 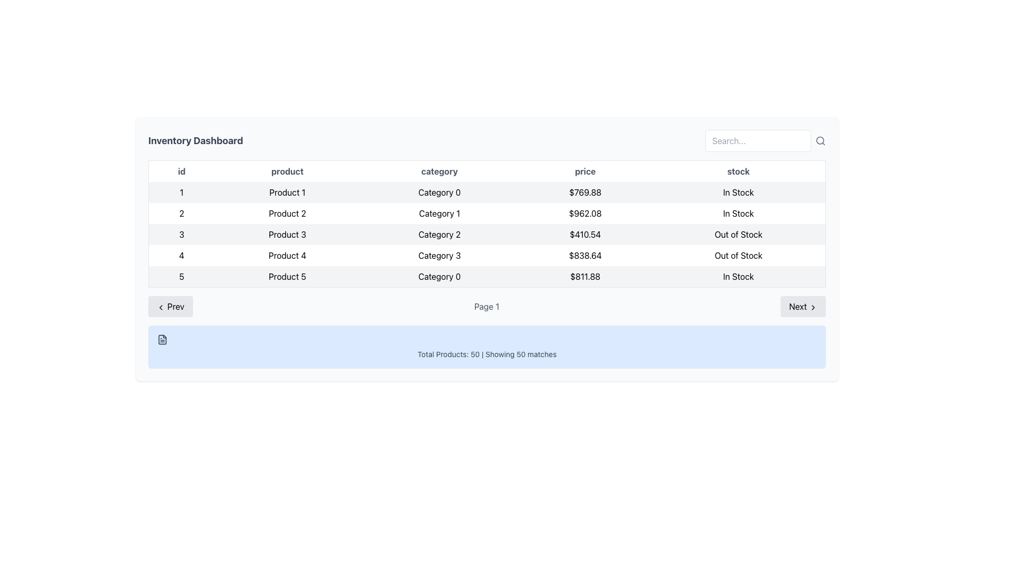 I want to click on the fourth Table Header in the table that indicates price-related data, positioned between 'category' and 'stock', so click(x=584, y=170).